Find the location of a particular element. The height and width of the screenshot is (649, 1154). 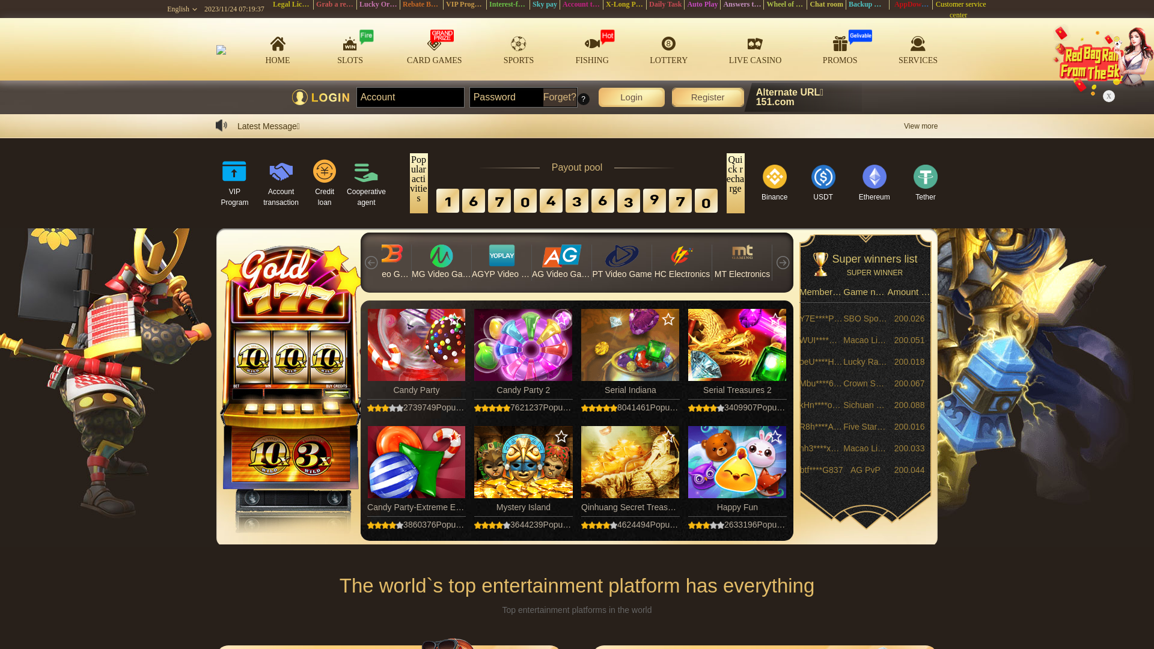

'SERVICES' is located at coordinates (917, 48).